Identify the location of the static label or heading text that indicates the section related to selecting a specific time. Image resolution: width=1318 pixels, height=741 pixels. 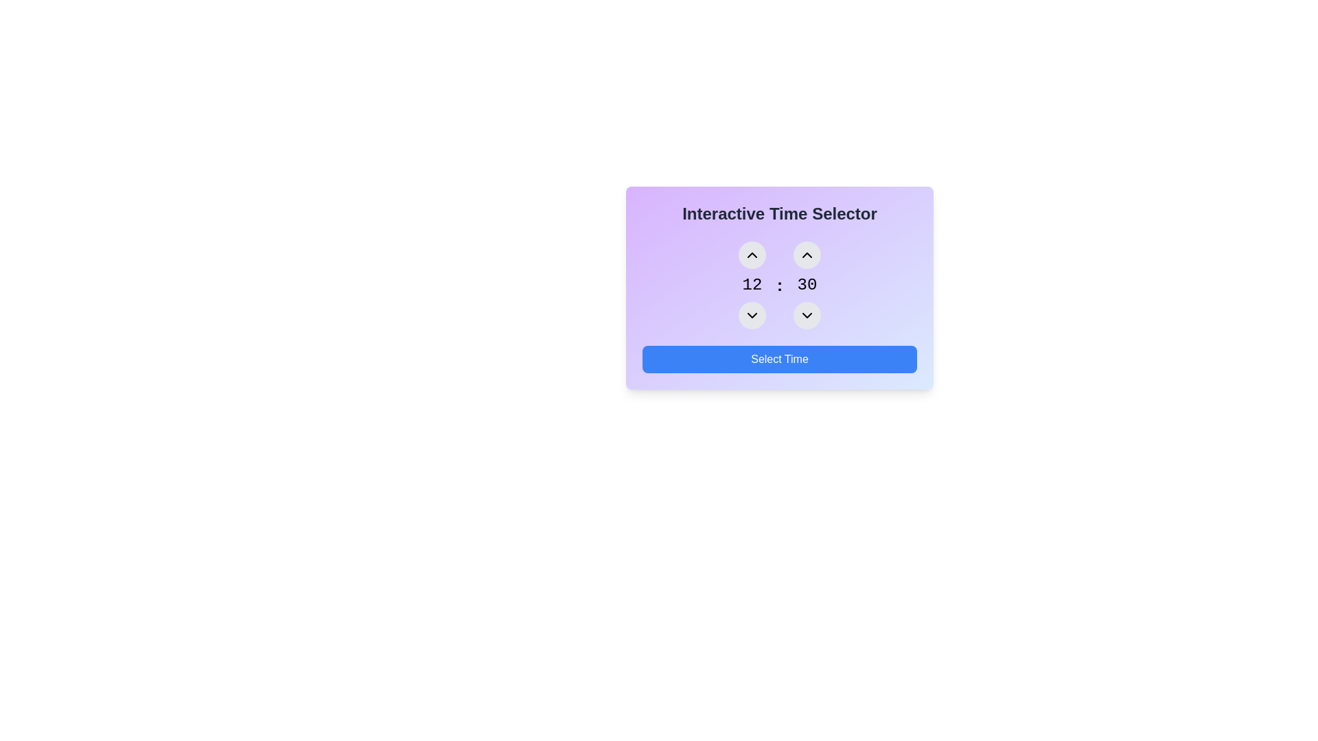
(780, 214).